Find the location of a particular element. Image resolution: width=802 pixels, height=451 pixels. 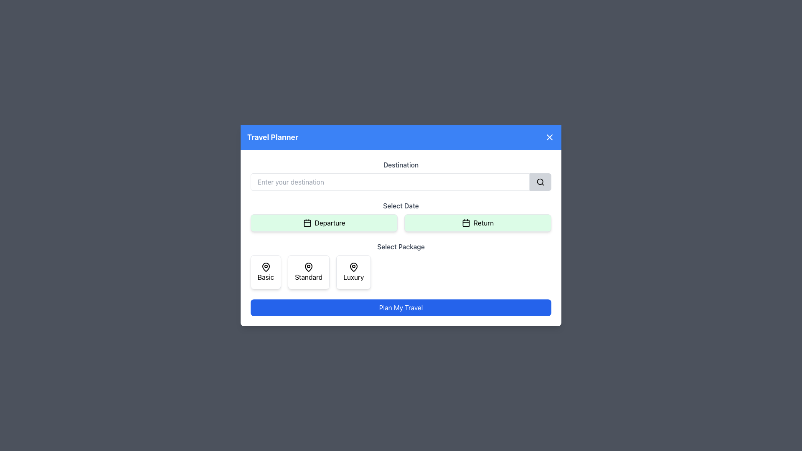

the Horizontal option selector for package levels located centrally below the 'Select Package' section to bring up the context menu is located at coordinates (401, 272).